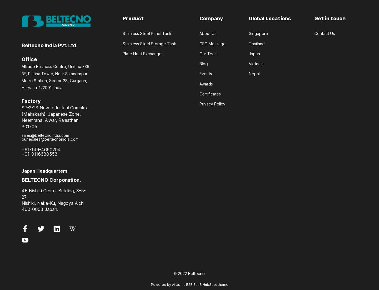 Image resolution: width=379 pixels, height=290 pixels. Describe the element at coordinates (61, 139) in the screenshot. I see `'beltecnoindia.com'` at that location.